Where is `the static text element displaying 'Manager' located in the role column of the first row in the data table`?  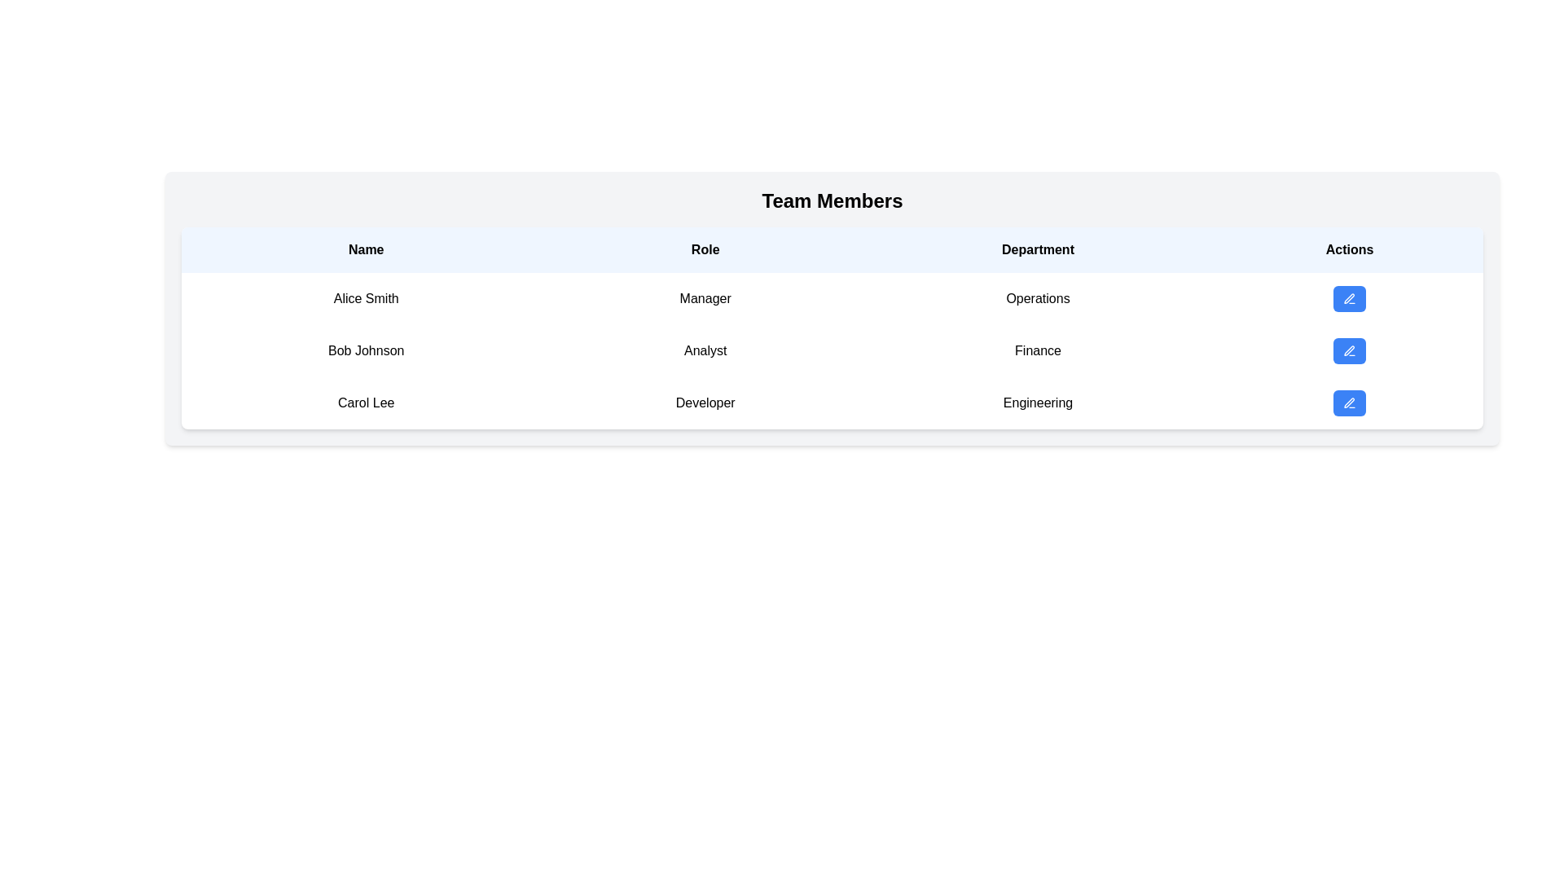 the static text element displaying 'Manager' located in the role column of the first row in the data table is located at coordinates (705, 298).